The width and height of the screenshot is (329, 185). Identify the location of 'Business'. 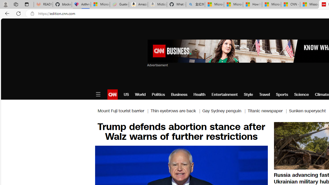
(179, 94).